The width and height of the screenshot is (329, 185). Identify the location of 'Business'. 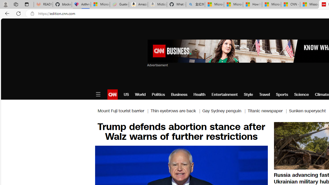
(179, 94).